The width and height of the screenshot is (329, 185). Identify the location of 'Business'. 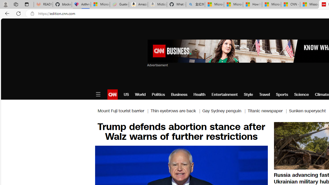
(179, 94).